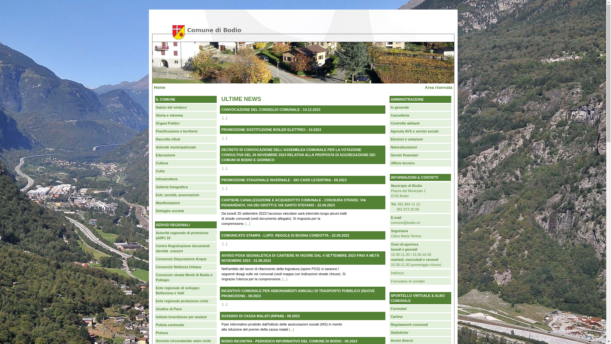  What do you see at coordinates (186, 170) in the screenshot?
I see `'Culto'` at bounding box center [186, 170].